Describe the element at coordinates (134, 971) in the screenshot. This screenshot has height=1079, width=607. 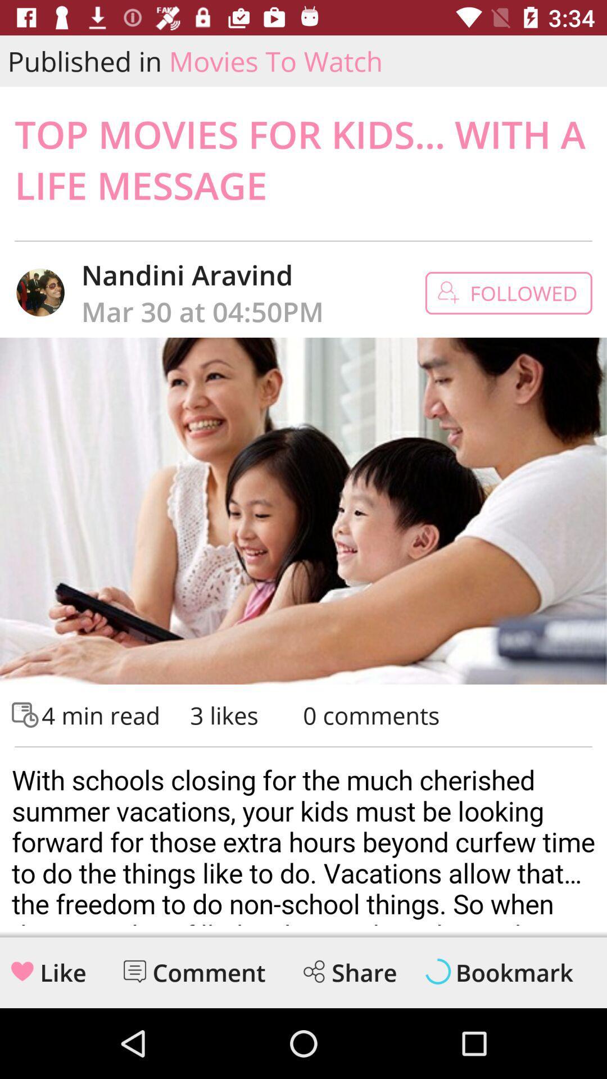
I see `leave a coment` at that location.